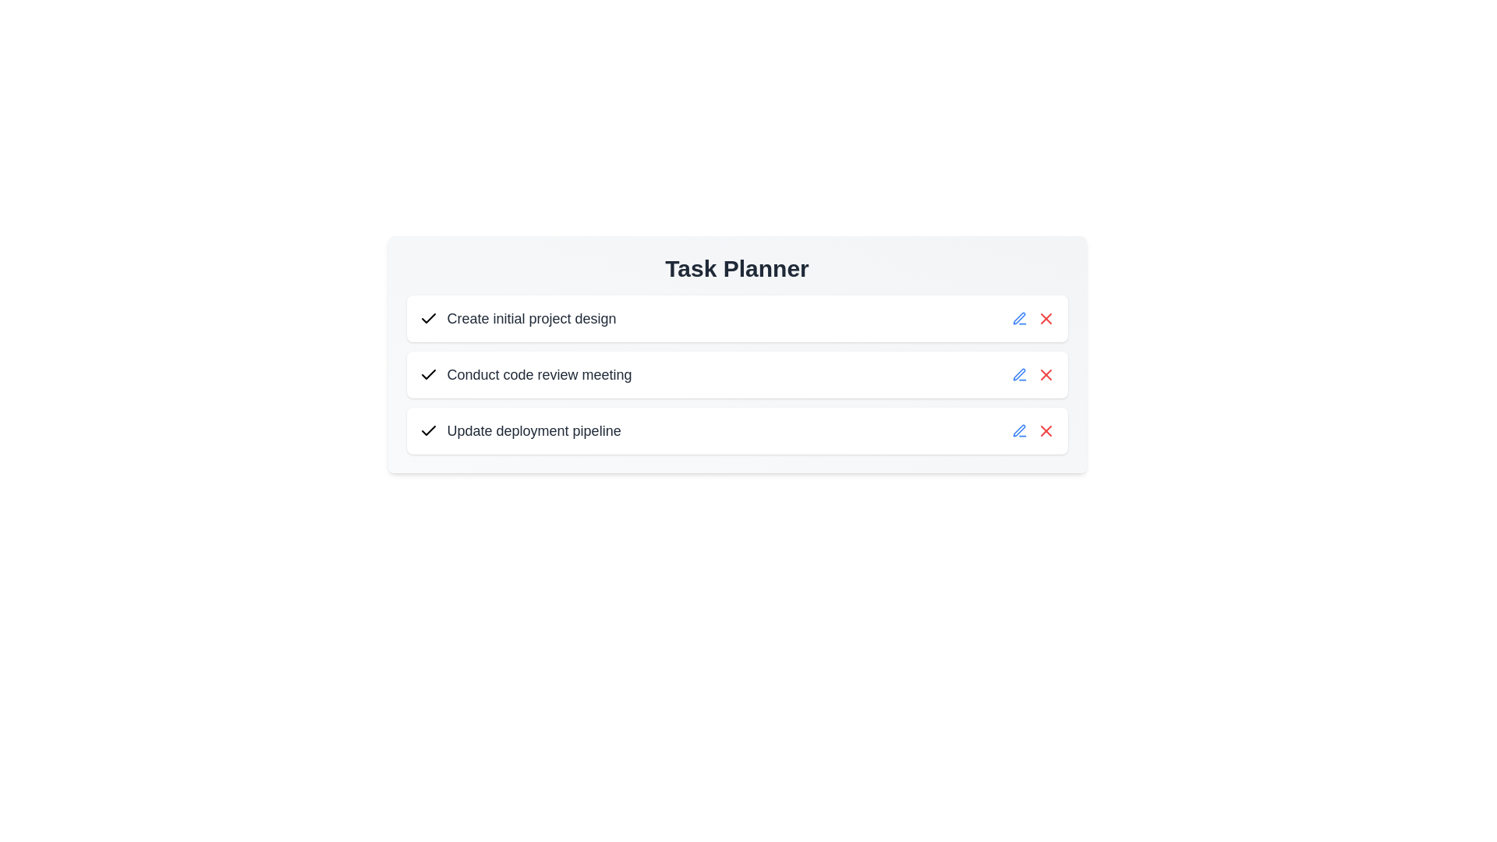 This screenshot has height=842, width=1497. Describe the element at coordinates (531, 317) in the screenshot. I see `the non-interactive text label describing the task 'Create initial project design', located beneath the 'Task Planner' header and to the right of the checkmark icon` at that location.